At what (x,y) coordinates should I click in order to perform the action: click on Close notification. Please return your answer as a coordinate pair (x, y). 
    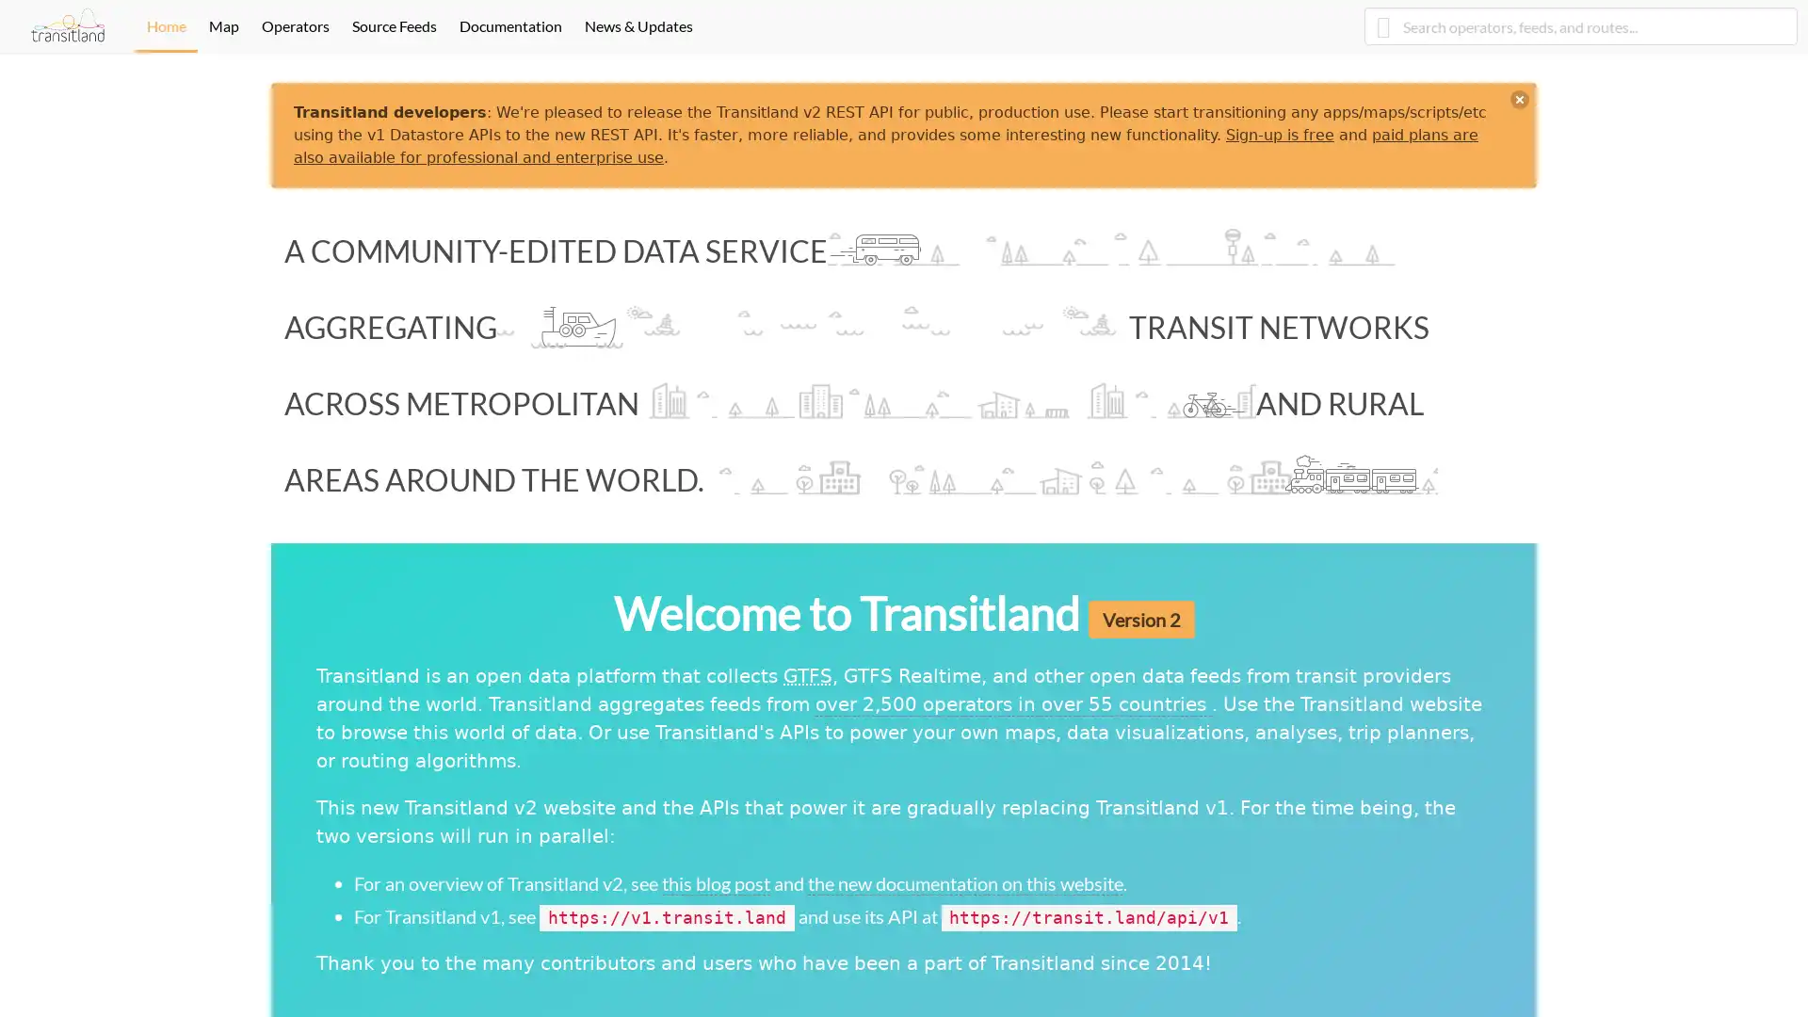
    Looking at the image, I should click on (1519, 99).